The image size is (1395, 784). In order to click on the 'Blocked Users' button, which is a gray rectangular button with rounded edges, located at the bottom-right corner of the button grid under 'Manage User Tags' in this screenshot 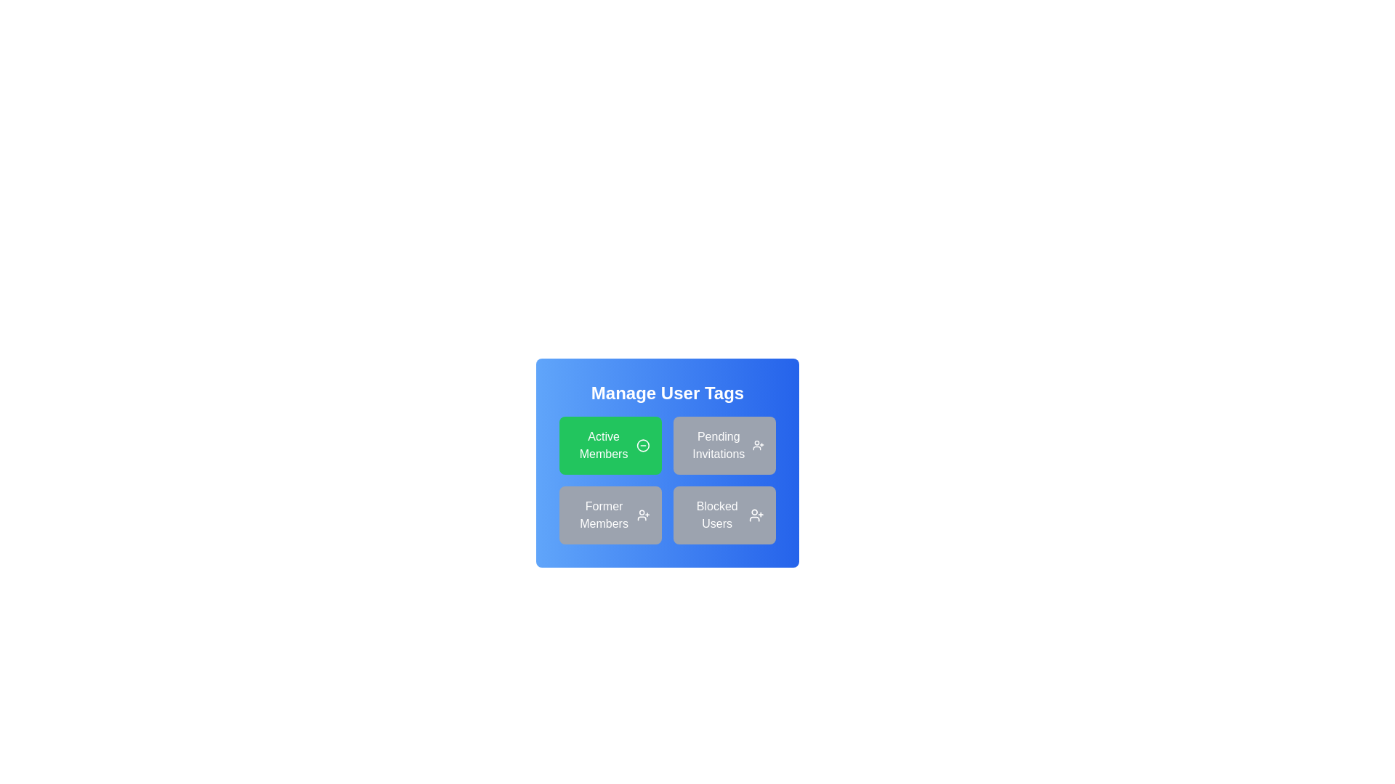, I will do `click(724, 514)`.